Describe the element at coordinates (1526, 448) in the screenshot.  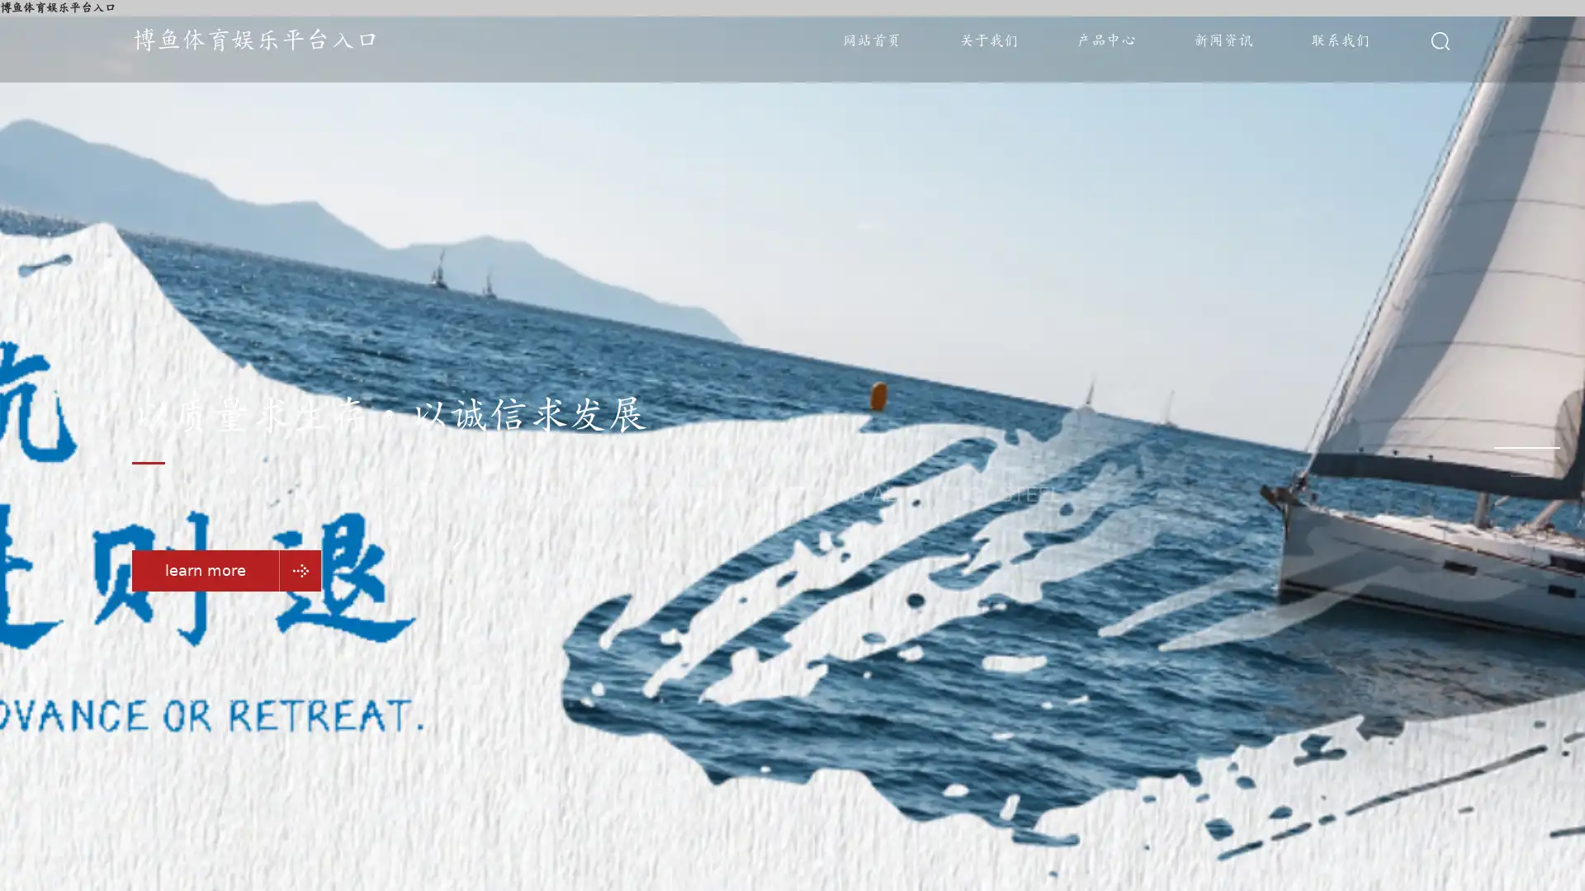
I see `Go to slide 1` at that location.